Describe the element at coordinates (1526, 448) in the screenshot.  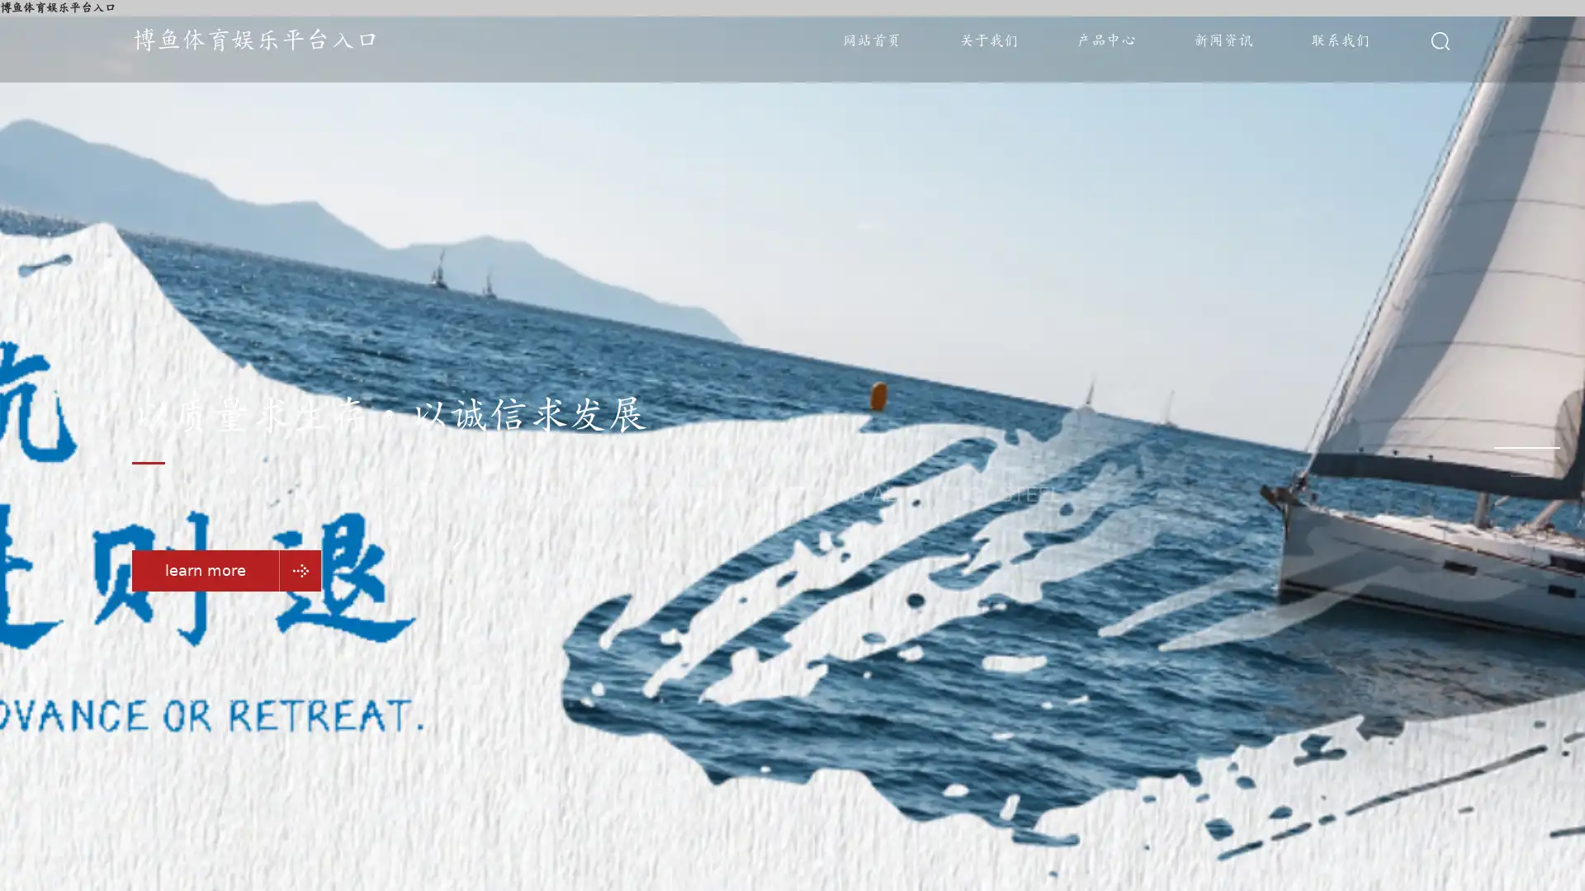
I see `Go to slide 1` at that location.